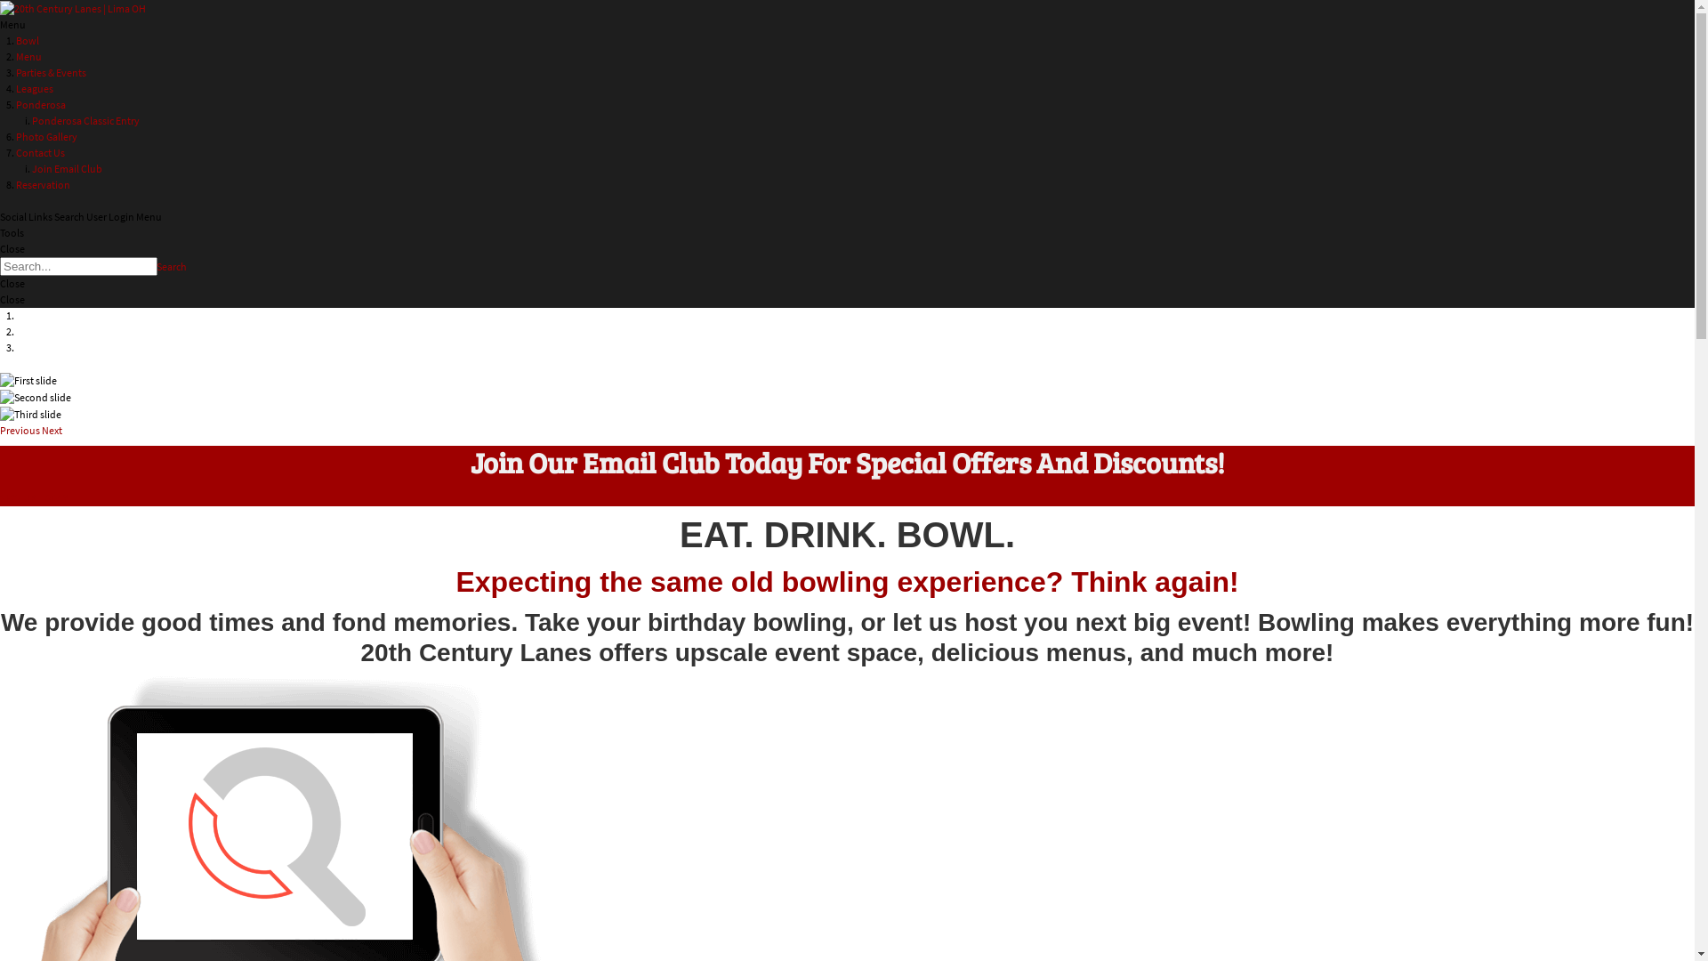 The image size is (1708, 961). Describe the element at coordinates (16, 104) in the screenshot. I see `'Ponderosa'` at that location.